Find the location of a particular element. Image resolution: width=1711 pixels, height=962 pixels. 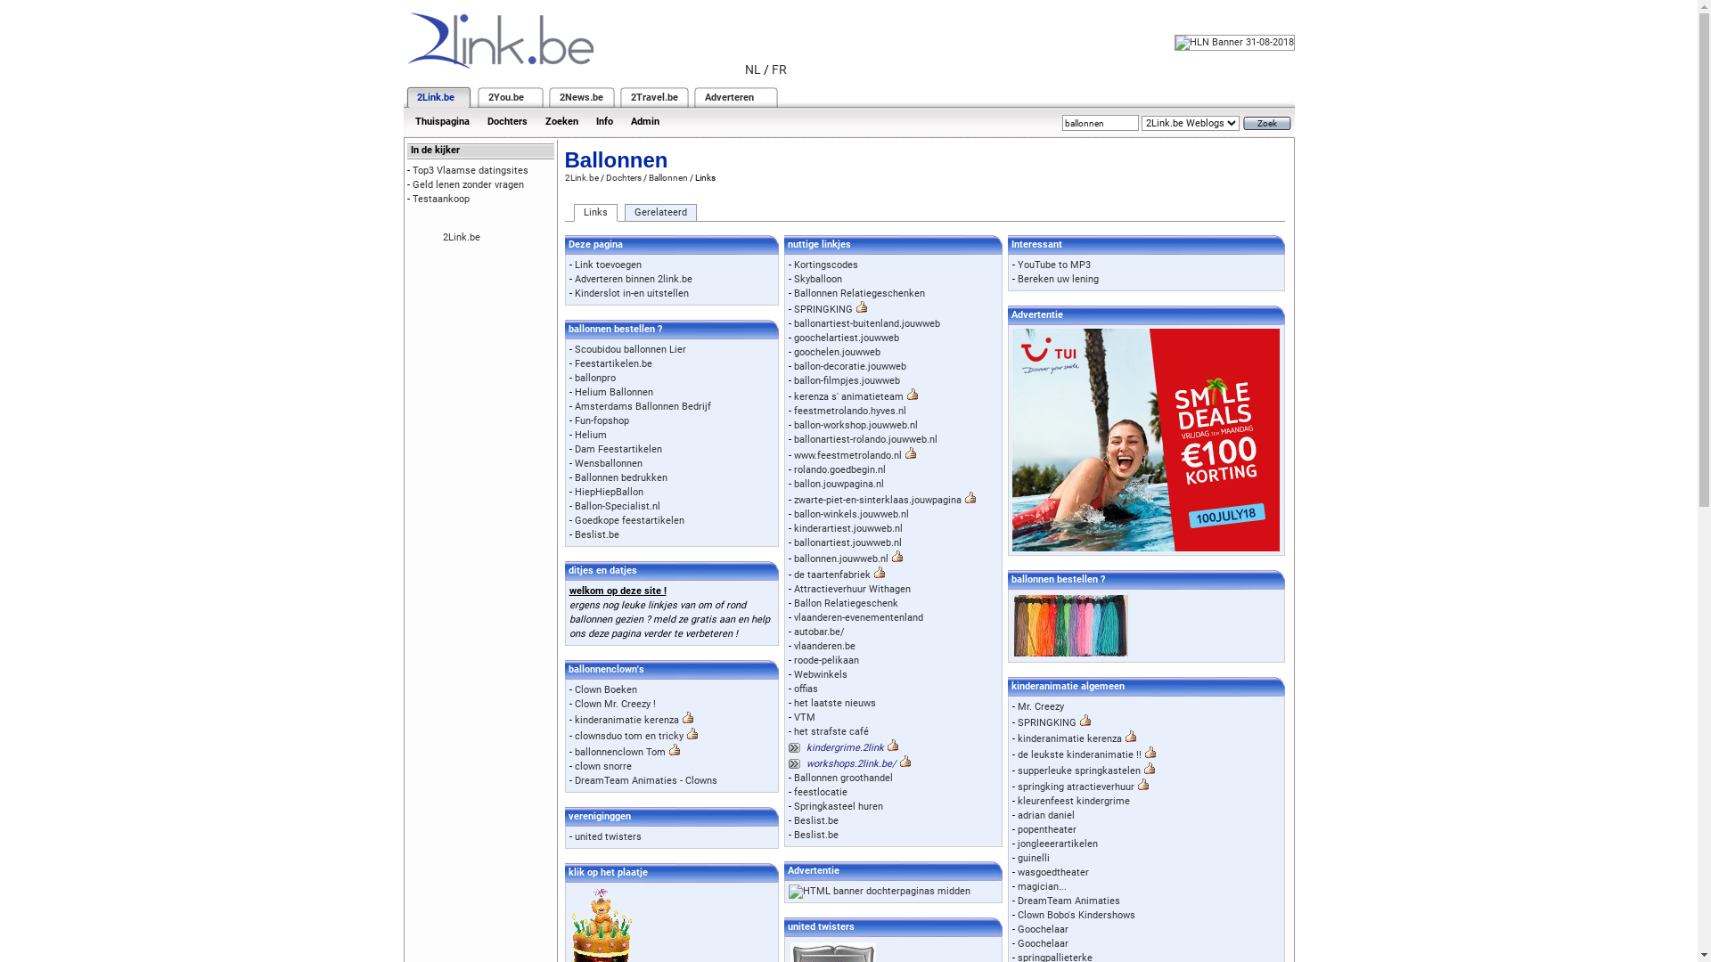

'Top3 Vlaamse datingsites' is located at coordinates (470, 170).